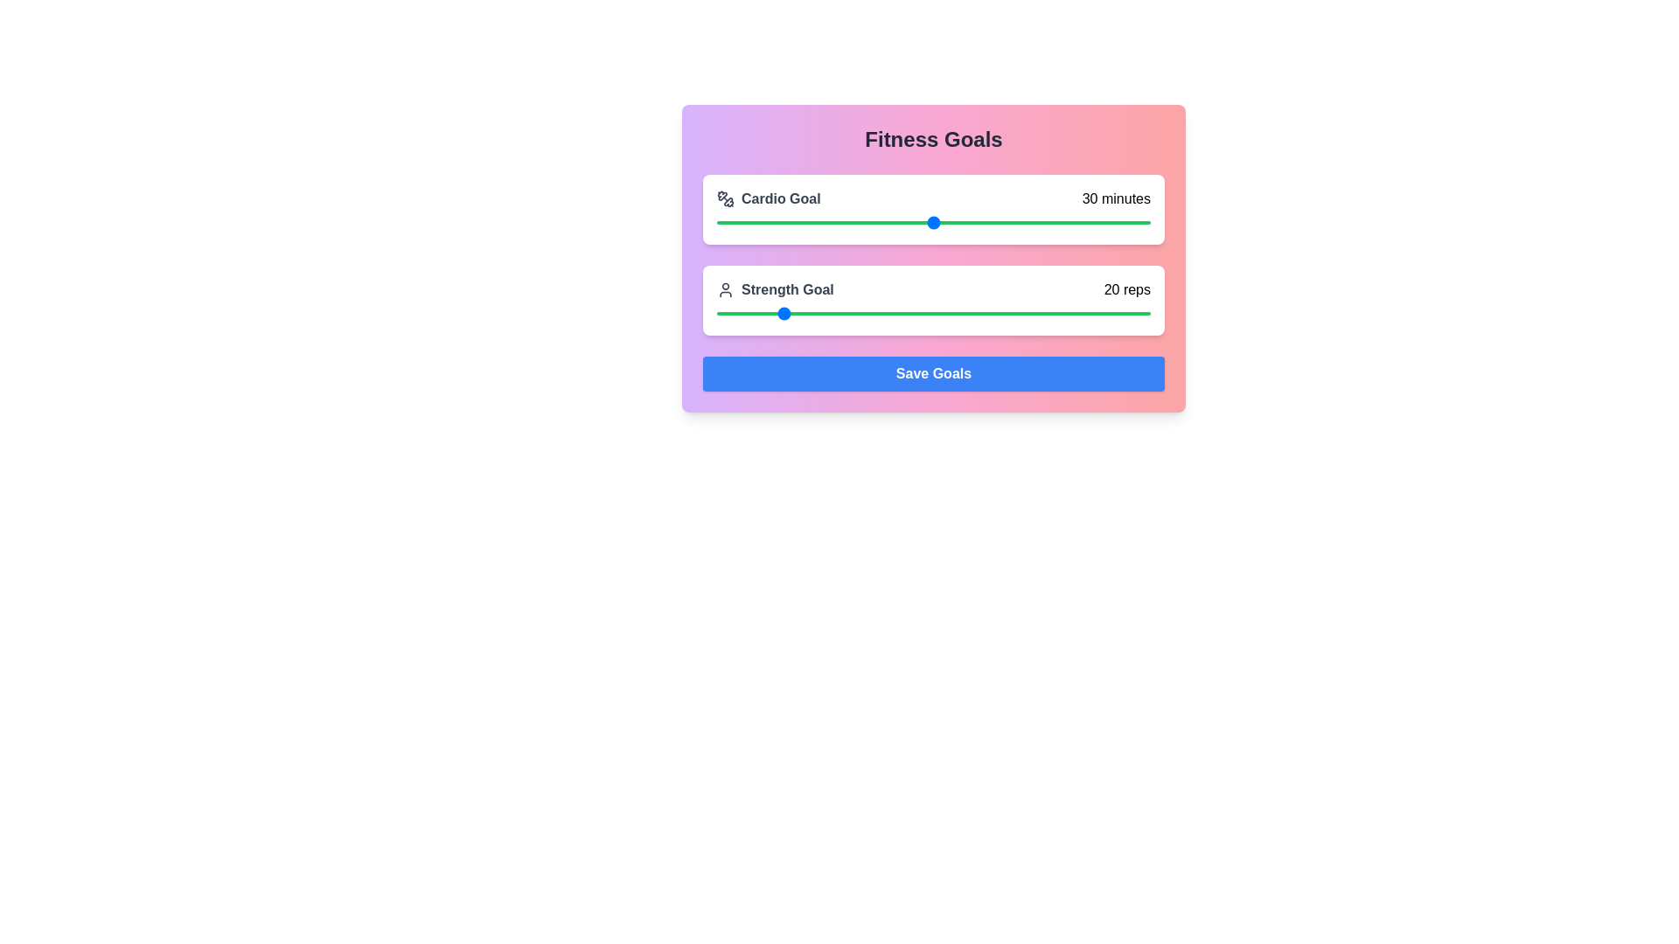 This screenshot has height=944, width=1679. I want to click on the cardio goal, so click(1077, 221).